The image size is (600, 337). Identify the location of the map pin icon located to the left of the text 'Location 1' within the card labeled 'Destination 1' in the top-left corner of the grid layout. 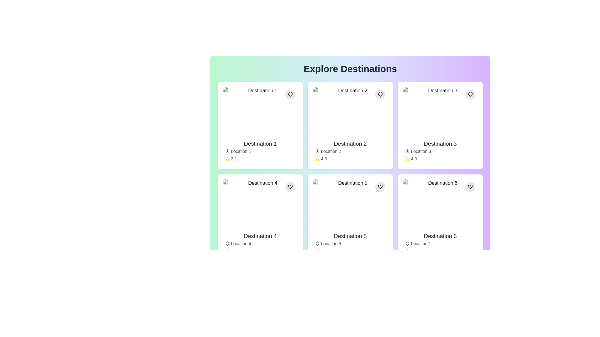
(227, 151).